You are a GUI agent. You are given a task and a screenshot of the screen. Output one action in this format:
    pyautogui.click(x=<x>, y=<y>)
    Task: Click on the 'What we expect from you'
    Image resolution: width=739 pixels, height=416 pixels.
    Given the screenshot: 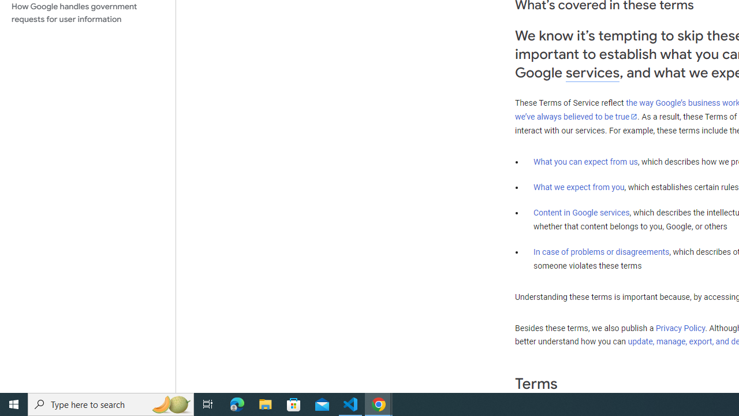 What is the action you would take?
    pyautogui.click(x=578, y=187)
    